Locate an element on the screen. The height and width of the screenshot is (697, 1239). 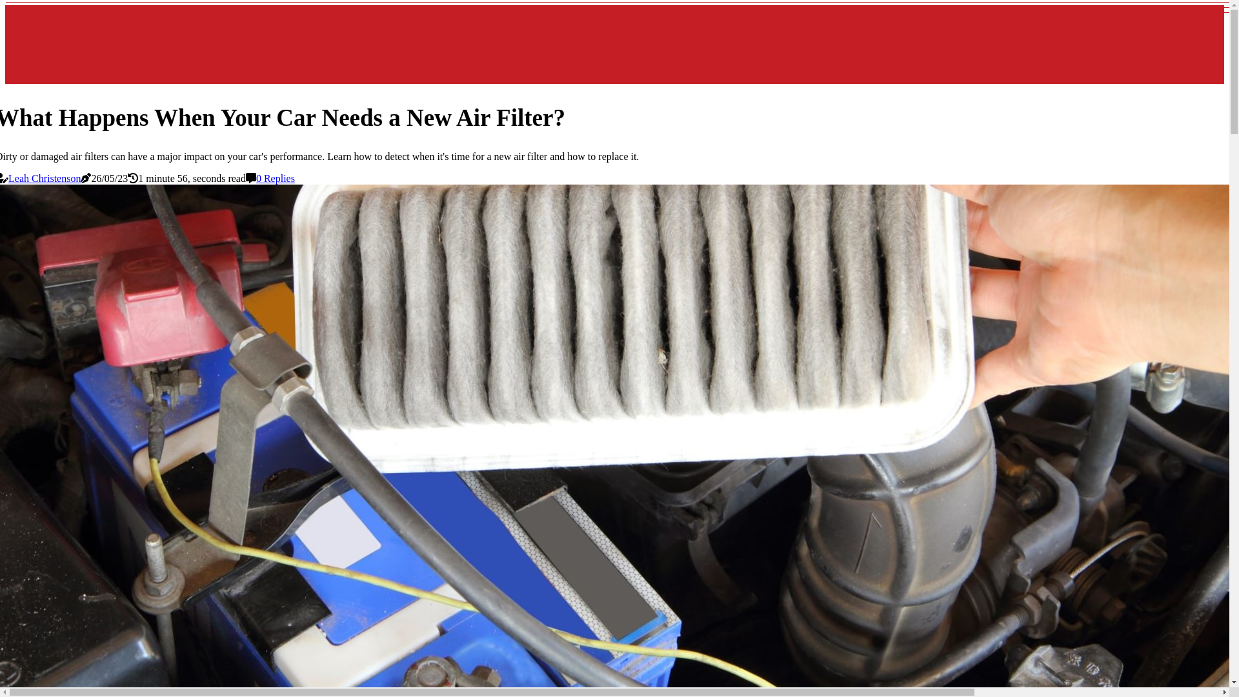
'0 Replies' is located at coordinates (275, 178).